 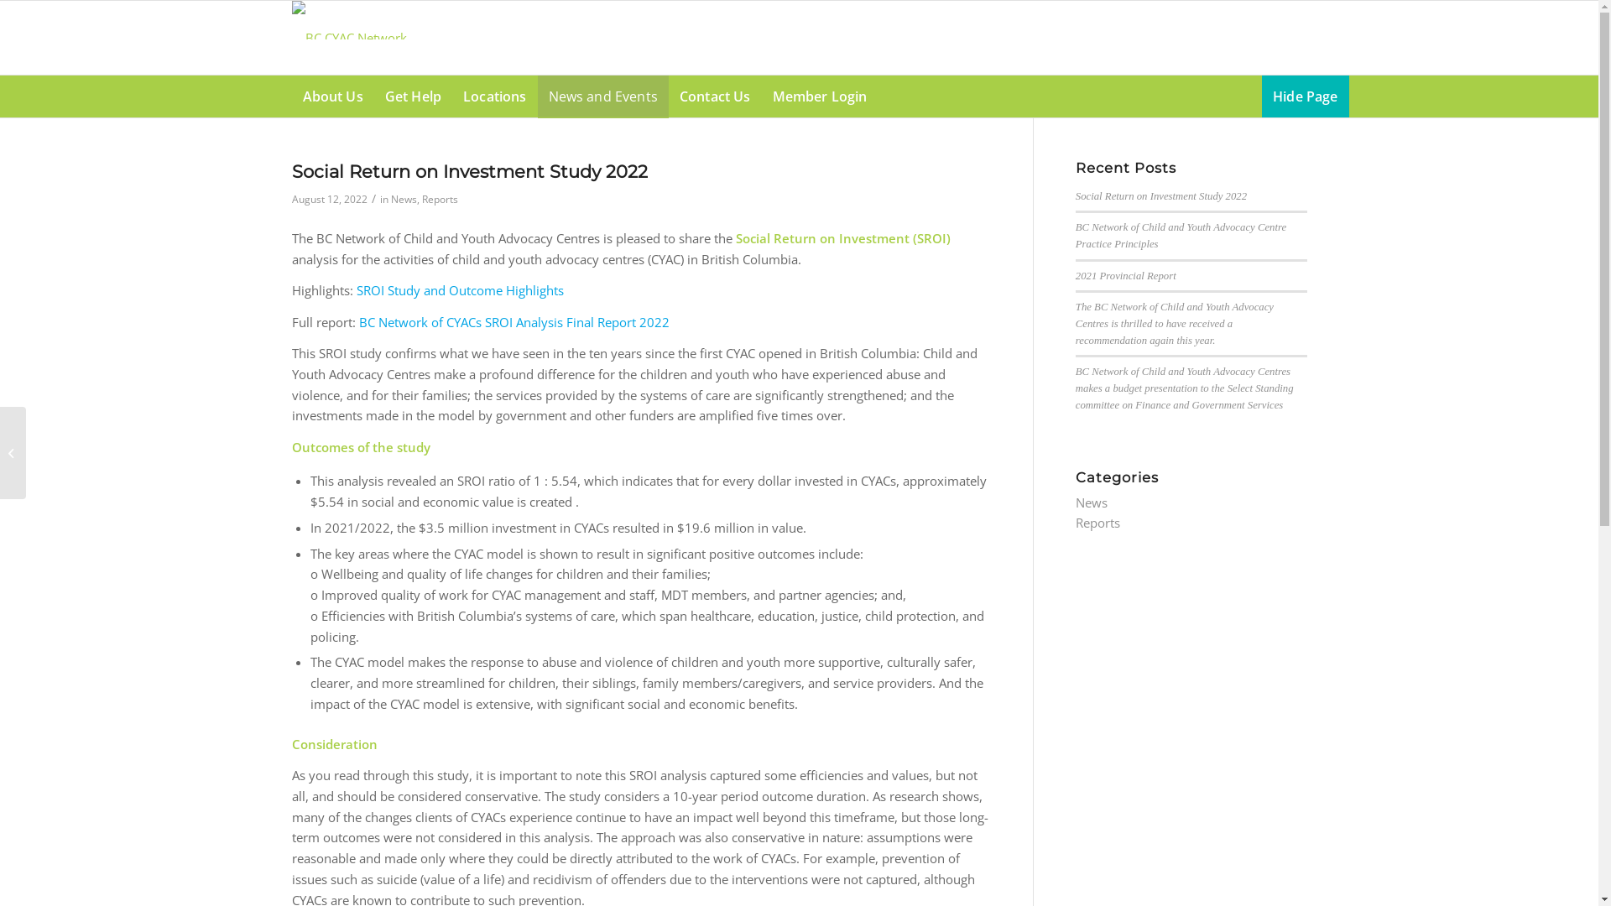 I want to click on 'Get Help', so click(x=413, y=96).